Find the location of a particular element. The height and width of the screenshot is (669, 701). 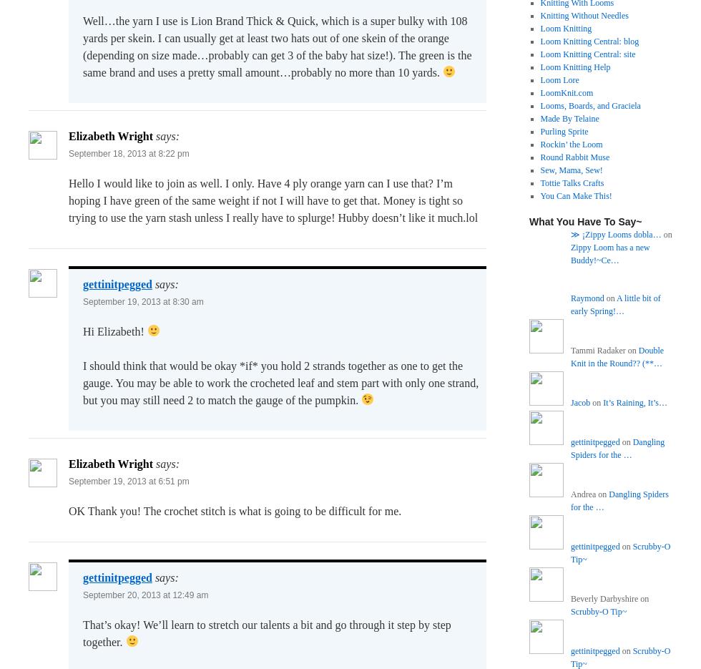

'You Can Make This!' is located at coordinates (575, 195).